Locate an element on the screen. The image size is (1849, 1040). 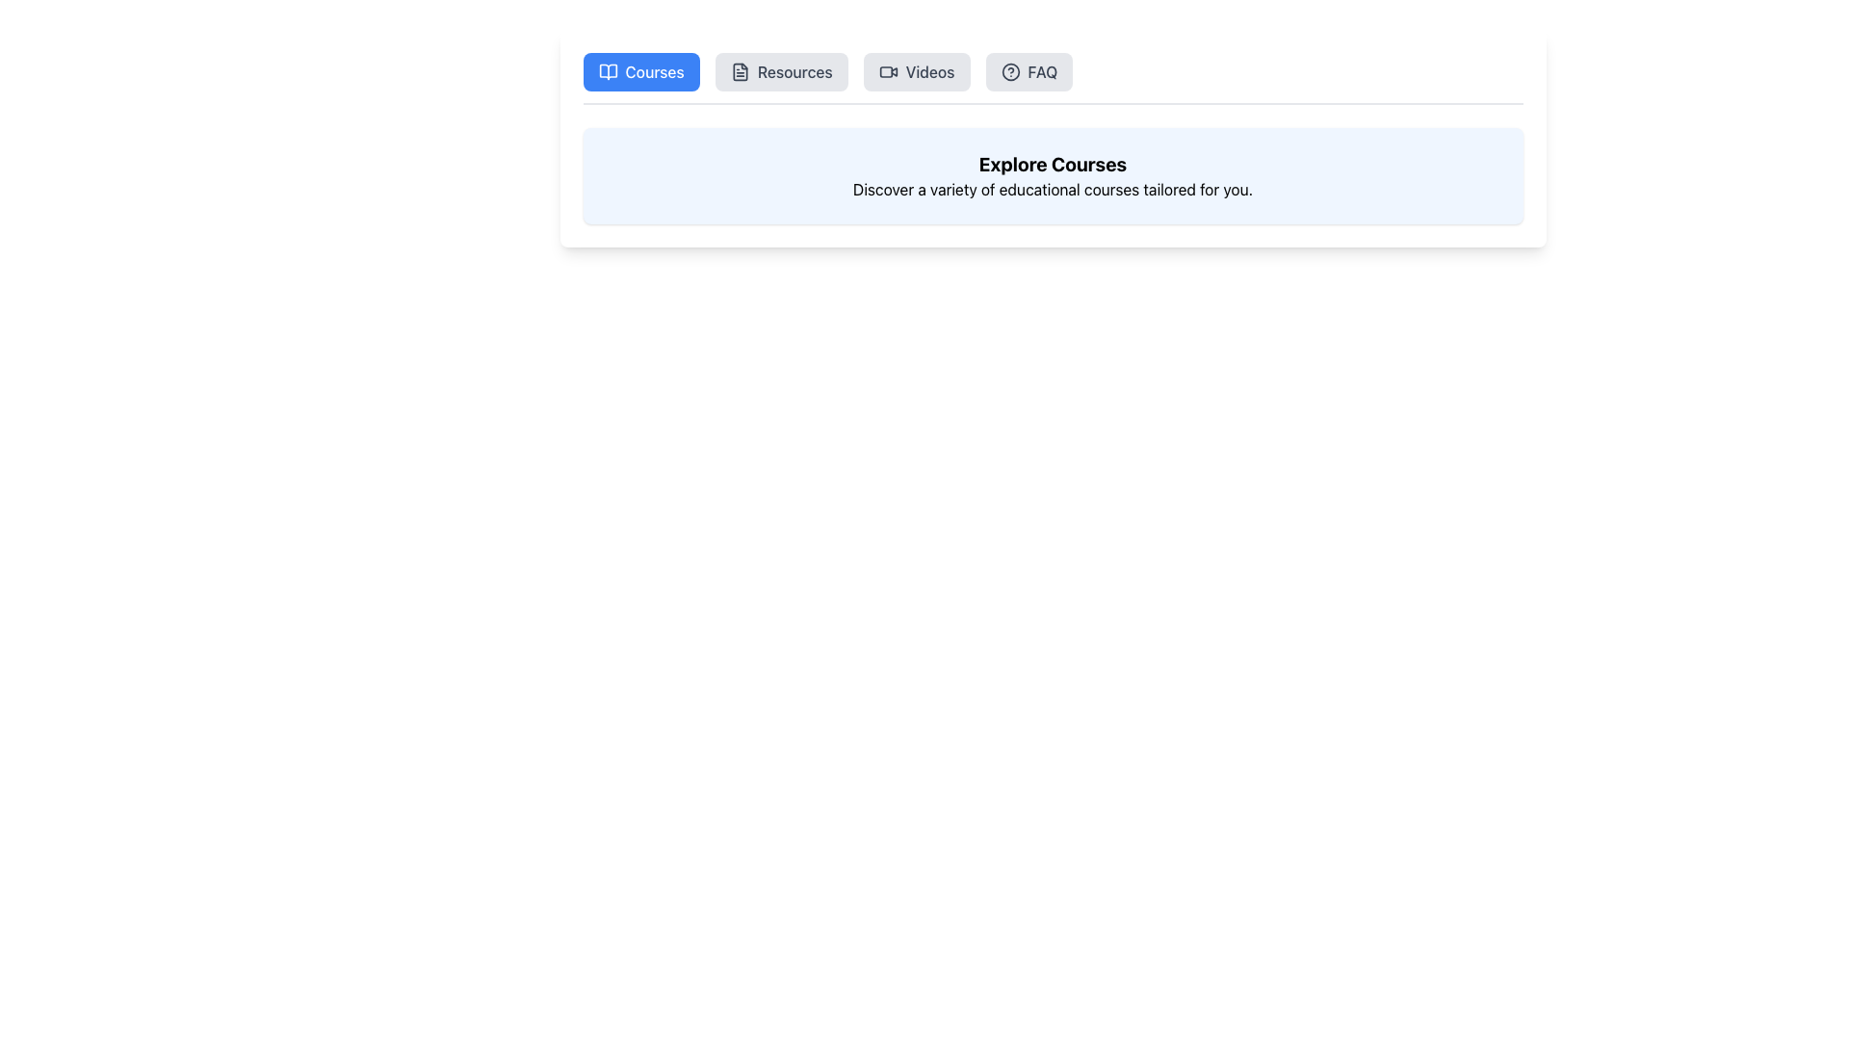
the text label that reads 'Discover a variety of educational courses tailored for you.' which is located below the bold heading 'Explore Courses' in a light blue background is located at coordinates (1052, 189).